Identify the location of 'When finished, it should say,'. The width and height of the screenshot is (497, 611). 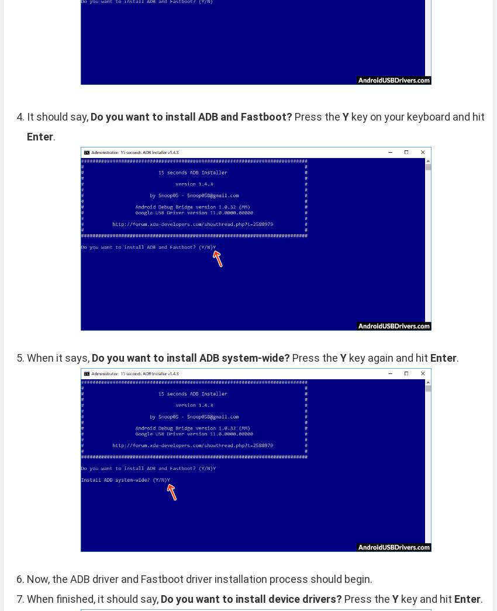
(94, 598).